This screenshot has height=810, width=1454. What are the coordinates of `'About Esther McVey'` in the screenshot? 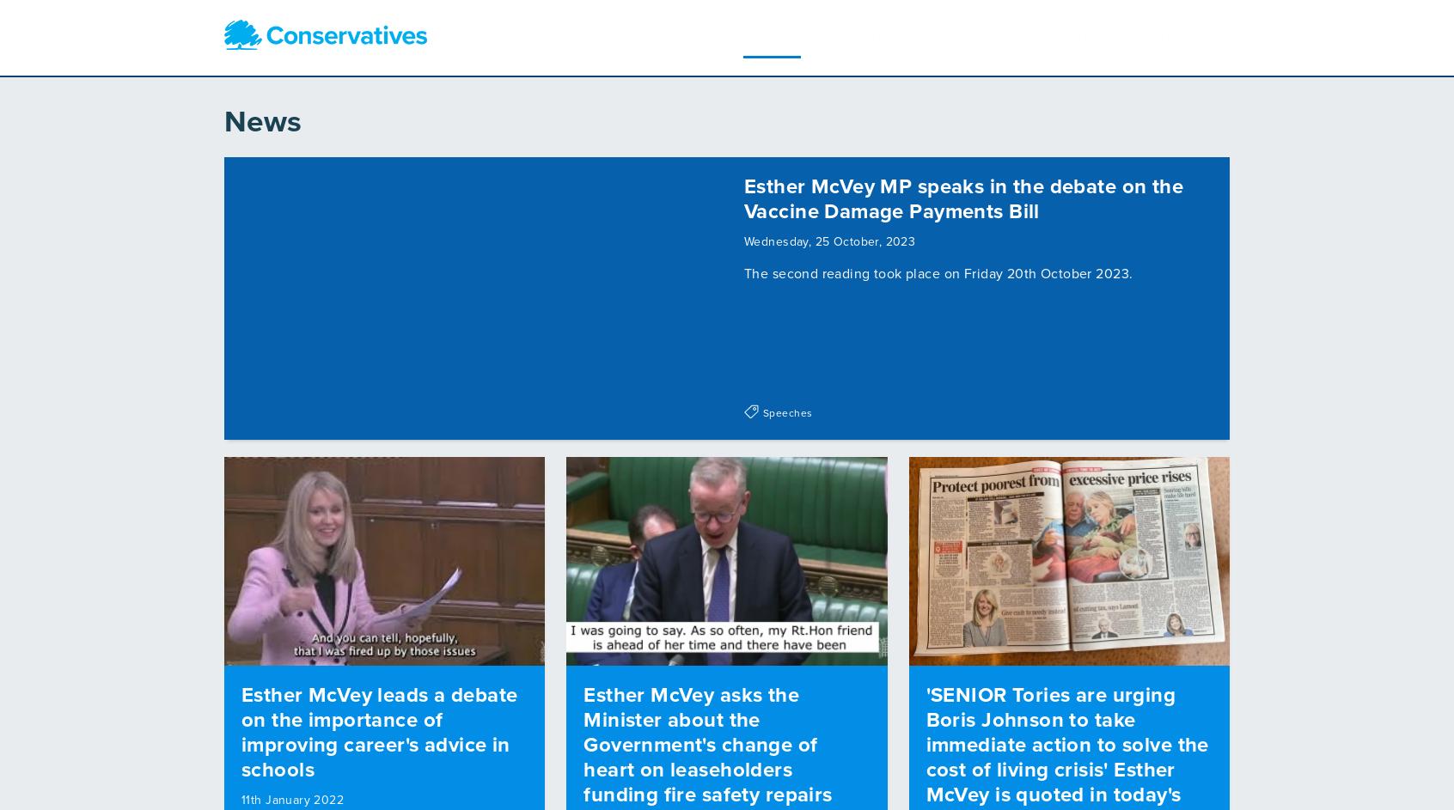 It's located at (730, 33).